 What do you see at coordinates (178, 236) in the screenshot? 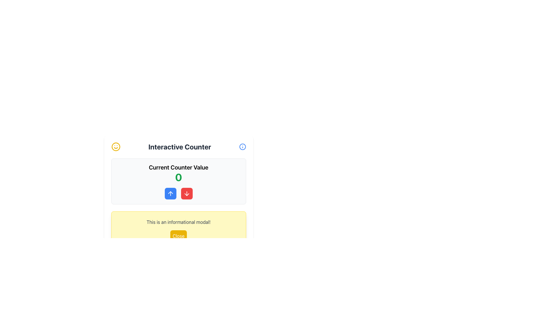
I see `the yellow button with rounded corners and white text reading 'Close'` at bounding box center [178, 236].